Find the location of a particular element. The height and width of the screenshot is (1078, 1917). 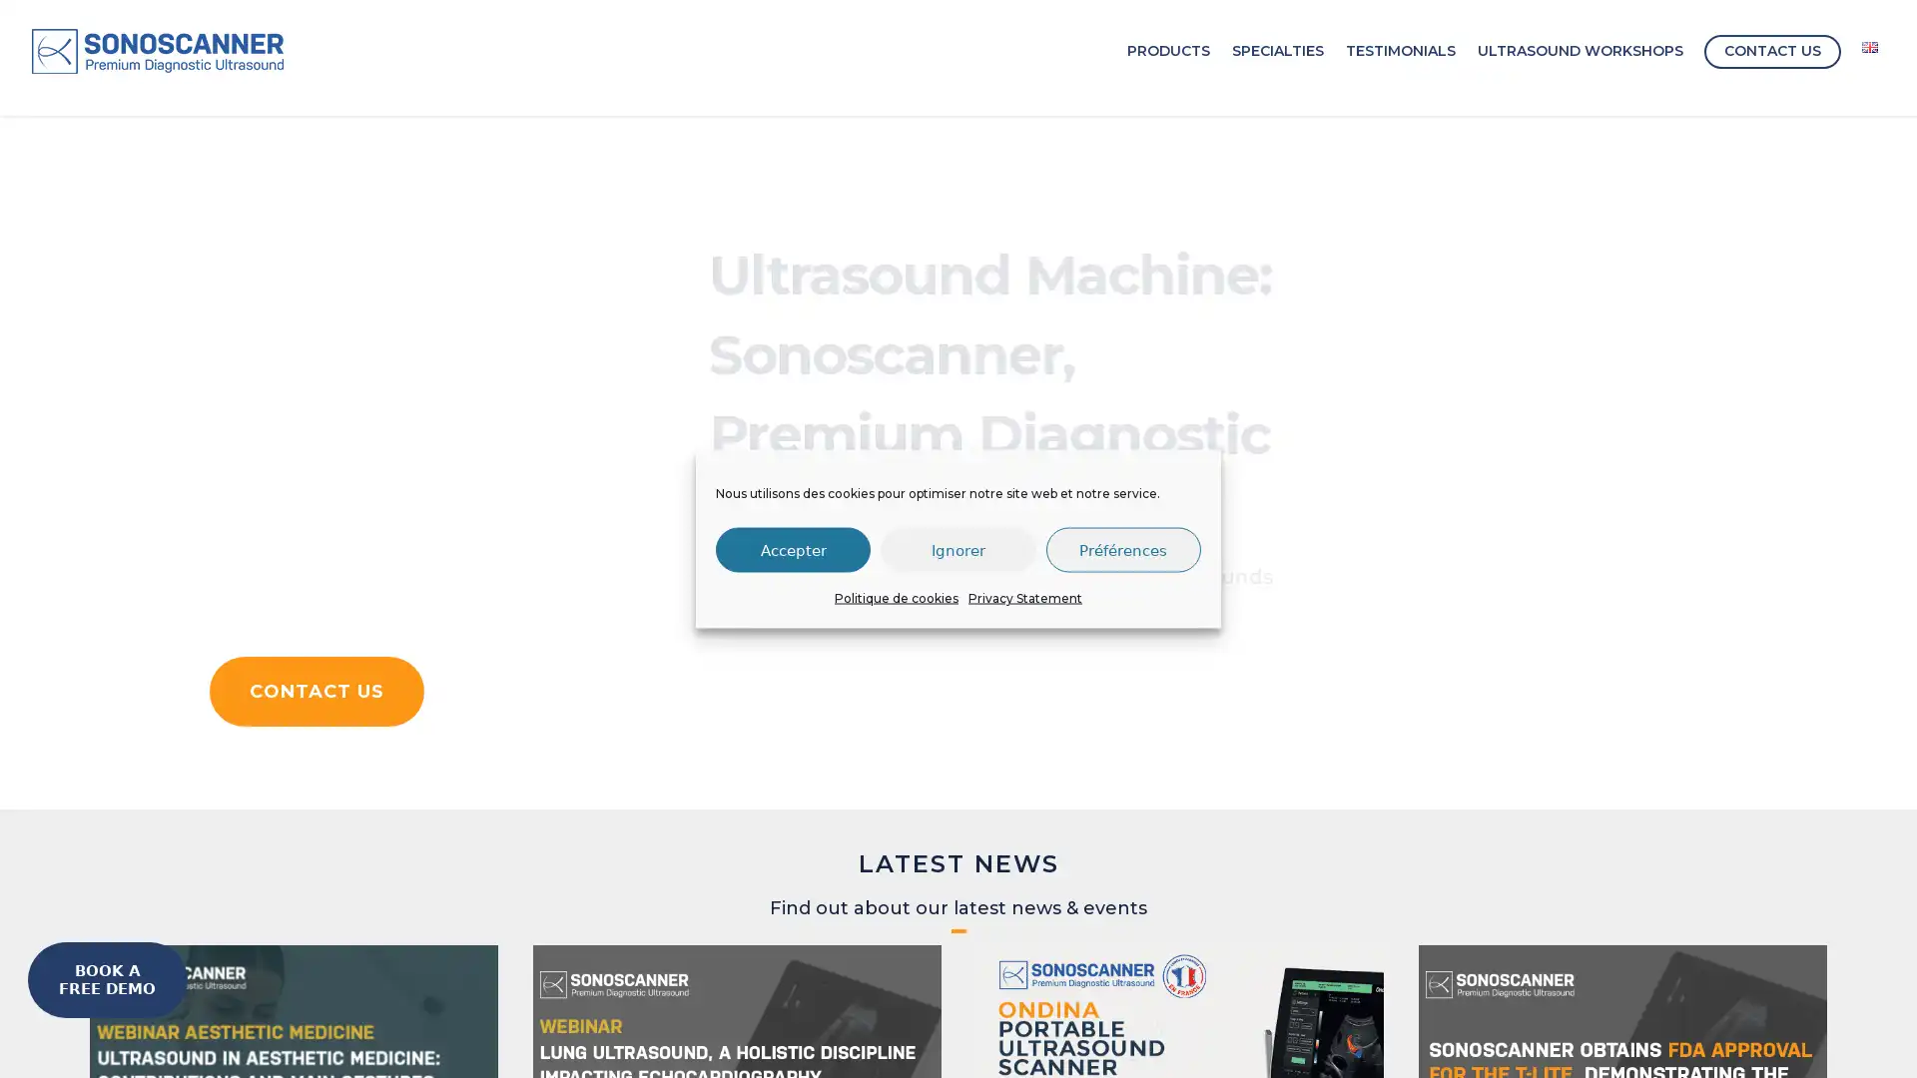

BOOK A FREE DEMO is located at coordinates (106, 979).